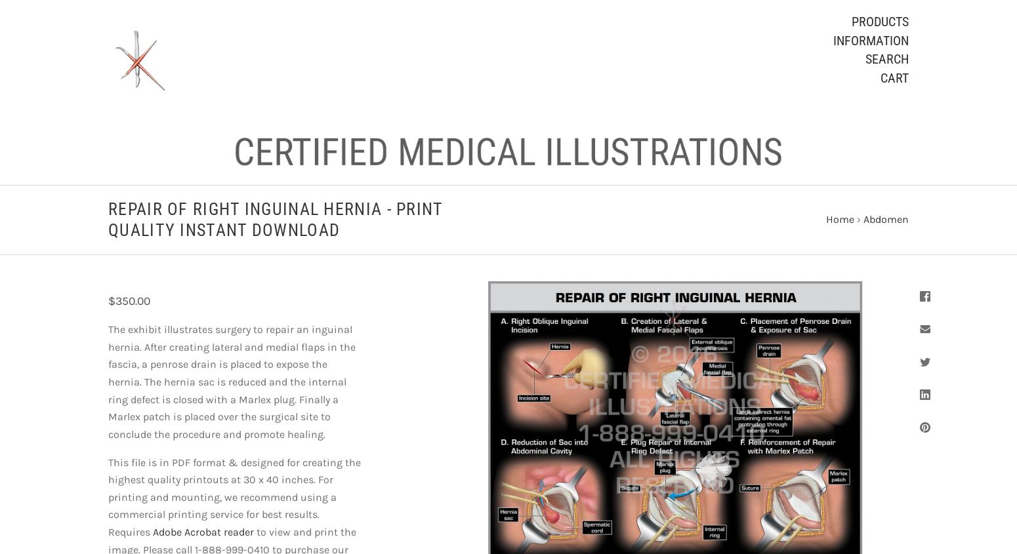 This screenshot has width=1017, height=554. What do you see at coordinates (231, 381) in the screenshot?
I see `'The exhibit illustrates surgery to repair an inguinal hernia. After creating lateral and medial flaps in the fascia, a penrose drain is placed to expose the hernia. The hernia sac is reduced and the internal ring defect is closed with a Marlex plug. Finally a Marlex patch is placed over the surgical site to conclude the procedure and promote healing.'` at bounding box center [231, 381].